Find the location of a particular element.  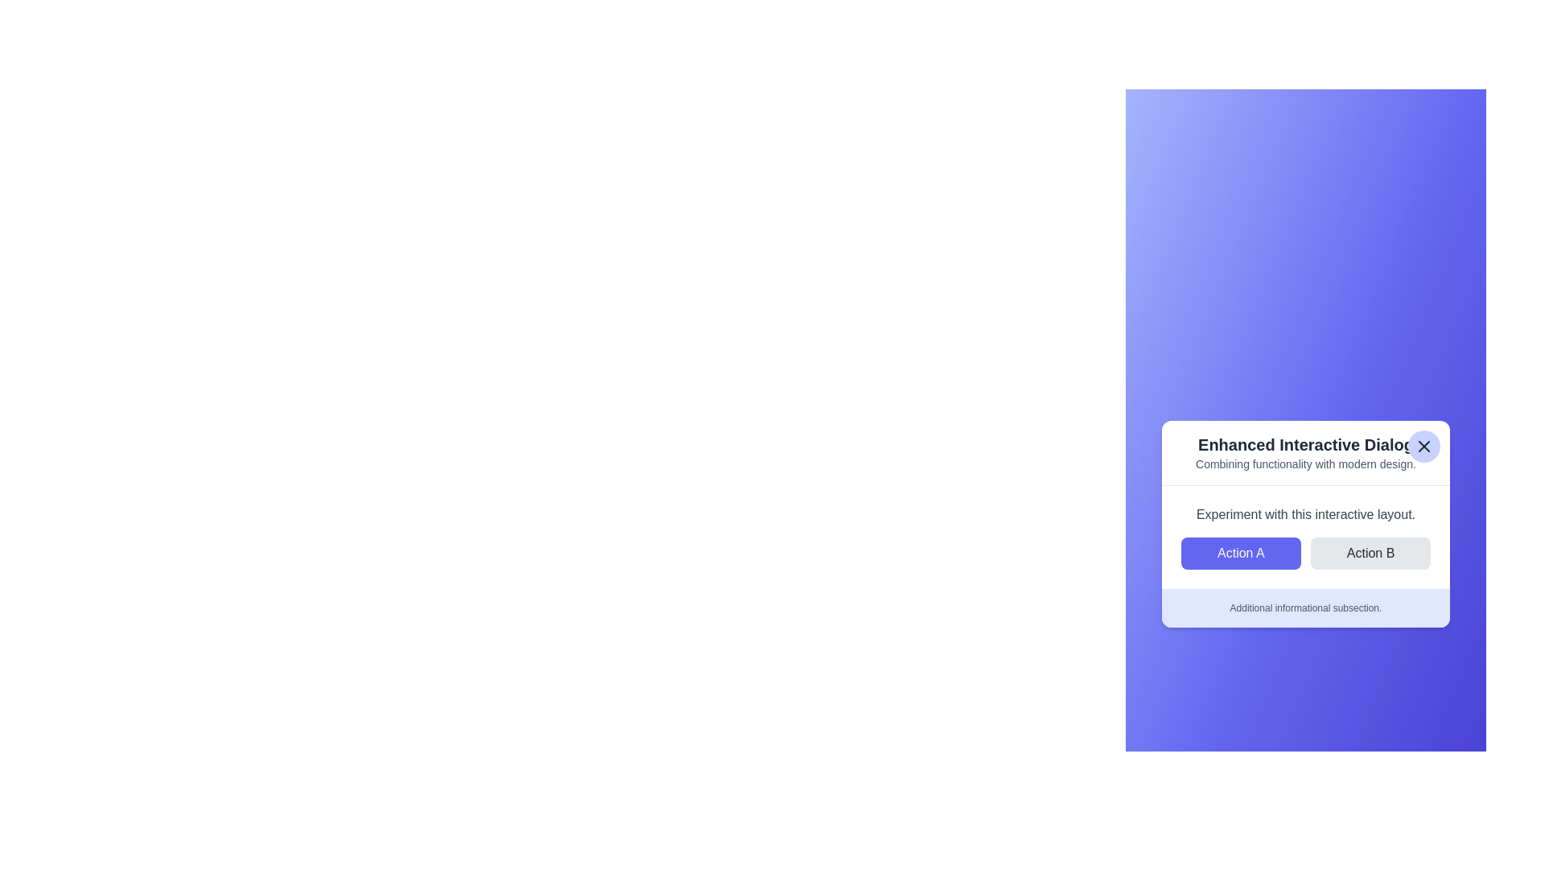

the diagonal stroke of the close ('X') icon in the upper-right corner of the 'Enhanced Interactive Dialog' is located at coordinates (1424, 446).